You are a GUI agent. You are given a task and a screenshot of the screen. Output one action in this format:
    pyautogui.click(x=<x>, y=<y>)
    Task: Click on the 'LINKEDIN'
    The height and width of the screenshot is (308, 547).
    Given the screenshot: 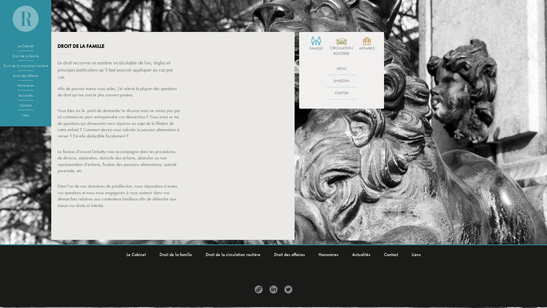 What is the action you would take?
    pyautogui.click(x=341, y=81)
    